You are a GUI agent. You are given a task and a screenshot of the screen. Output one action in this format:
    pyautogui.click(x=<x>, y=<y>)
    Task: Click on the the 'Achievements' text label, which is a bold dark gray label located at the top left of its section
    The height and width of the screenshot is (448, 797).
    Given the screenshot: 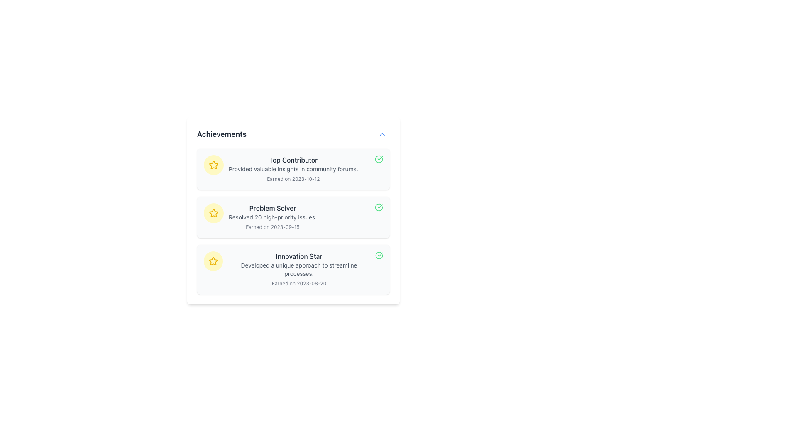 What is the action you would take?
    pyautogui.click(x=222, y=134)
    